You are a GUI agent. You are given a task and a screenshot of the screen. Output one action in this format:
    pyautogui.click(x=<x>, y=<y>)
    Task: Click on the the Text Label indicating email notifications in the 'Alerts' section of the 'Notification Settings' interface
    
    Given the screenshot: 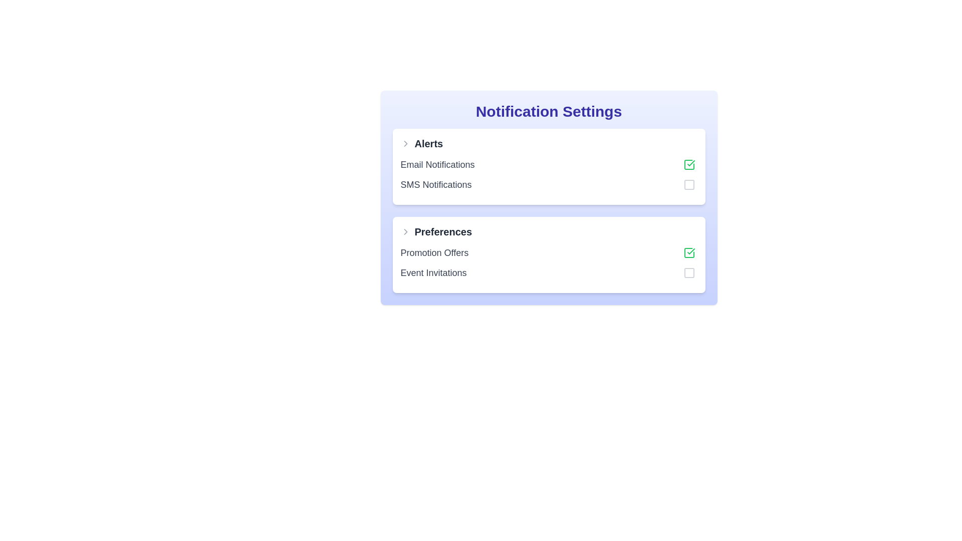 What is the action you would take?
    pyautogui.click(x=437, y=164)
    